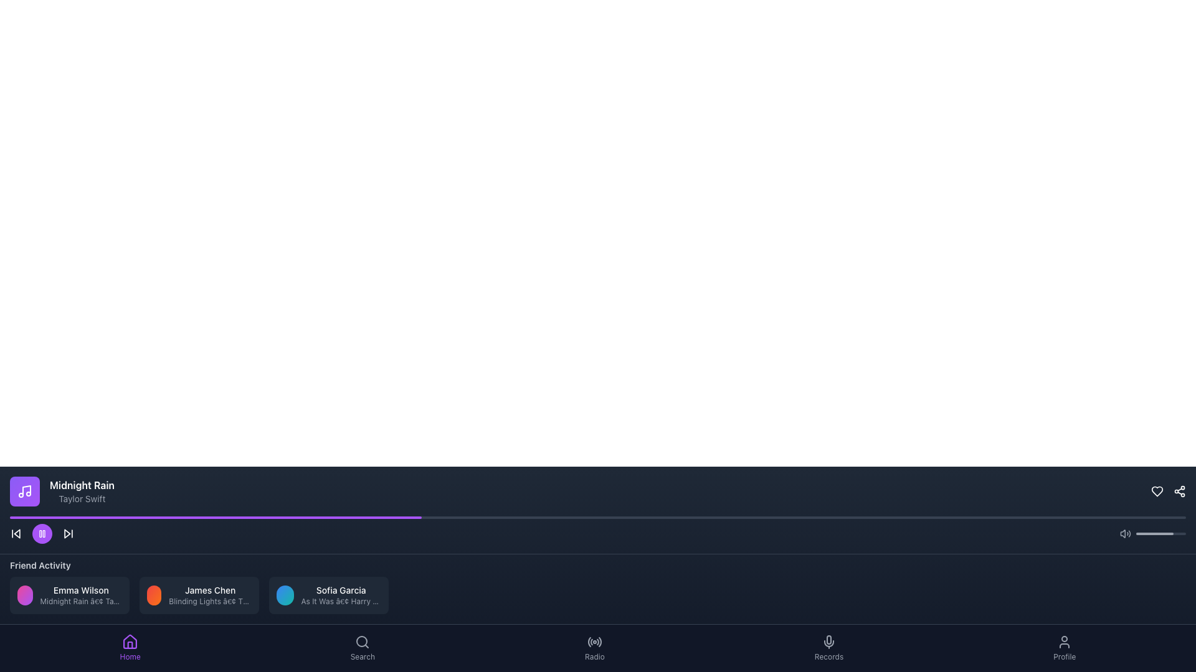  I want to click on the share icon button located in the bottom-right corner of the application interface, next to a heart-shaped icon, so click(1179, 491).